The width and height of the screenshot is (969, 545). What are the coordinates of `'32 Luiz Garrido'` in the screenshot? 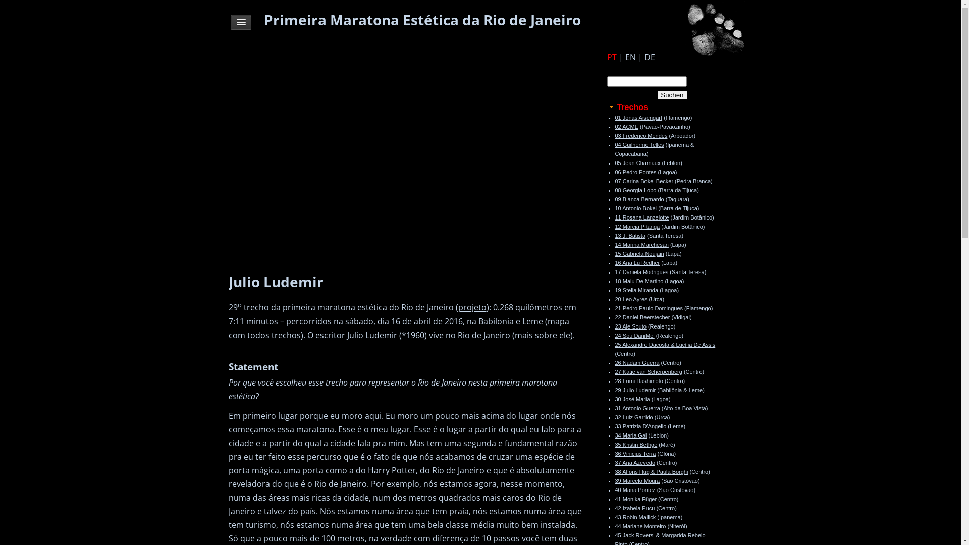 It's located at (633, 417).